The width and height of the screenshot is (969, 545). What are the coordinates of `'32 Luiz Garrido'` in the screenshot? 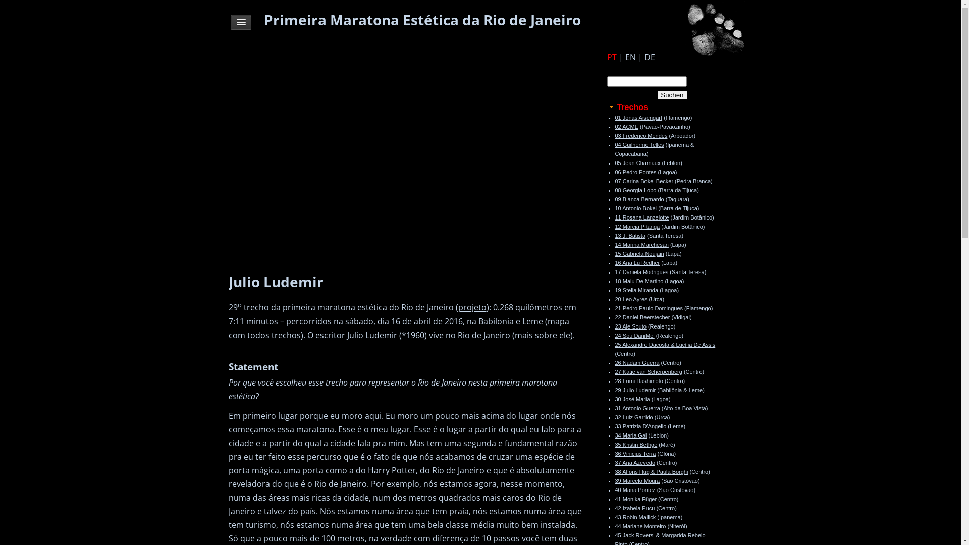 It's located at (633, 417).